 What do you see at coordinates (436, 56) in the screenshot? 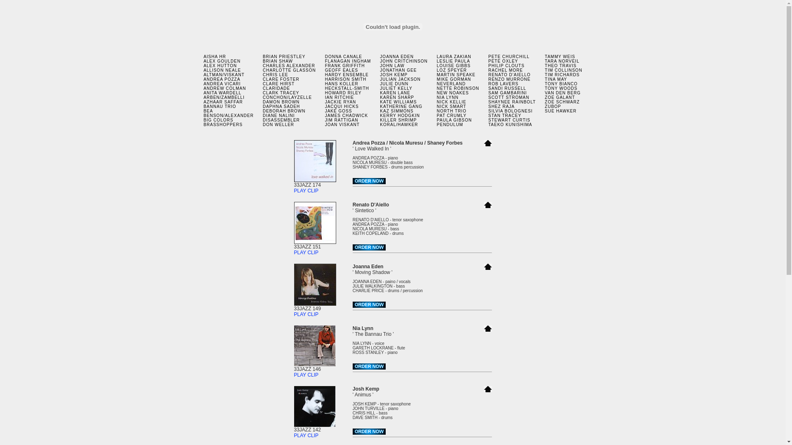
I see `'LAURA ZAKIAN'` at bounding box center [436, 56].